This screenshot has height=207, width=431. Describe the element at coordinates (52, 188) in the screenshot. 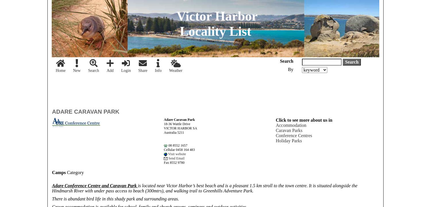

I see `'is located near Victor Harbor’s best beach and is a pleasant 1.5 km stroll to the town centre. It is situated alongside the Hindmarsh River with under pass access to beach (300mtrs), and walking trail to Greenhills Adventure Park.'` at that location.